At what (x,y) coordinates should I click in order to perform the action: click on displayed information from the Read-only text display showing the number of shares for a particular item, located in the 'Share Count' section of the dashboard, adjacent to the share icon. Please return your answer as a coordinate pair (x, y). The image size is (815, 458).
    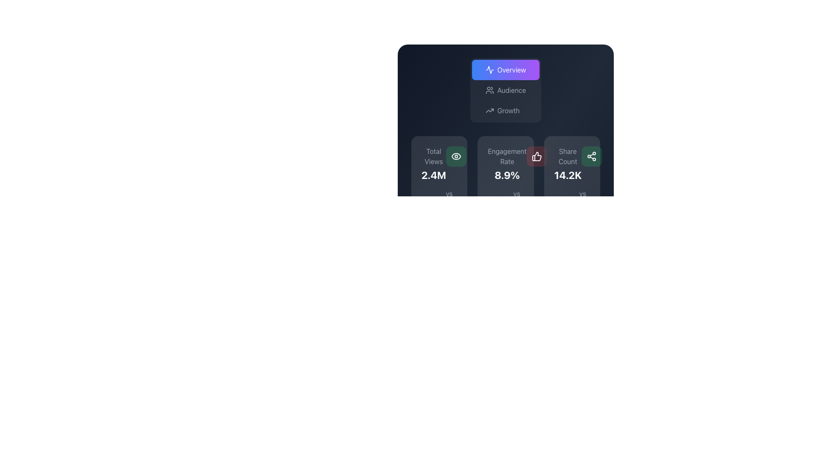
    Looking at the image, I should click on (568, 164).